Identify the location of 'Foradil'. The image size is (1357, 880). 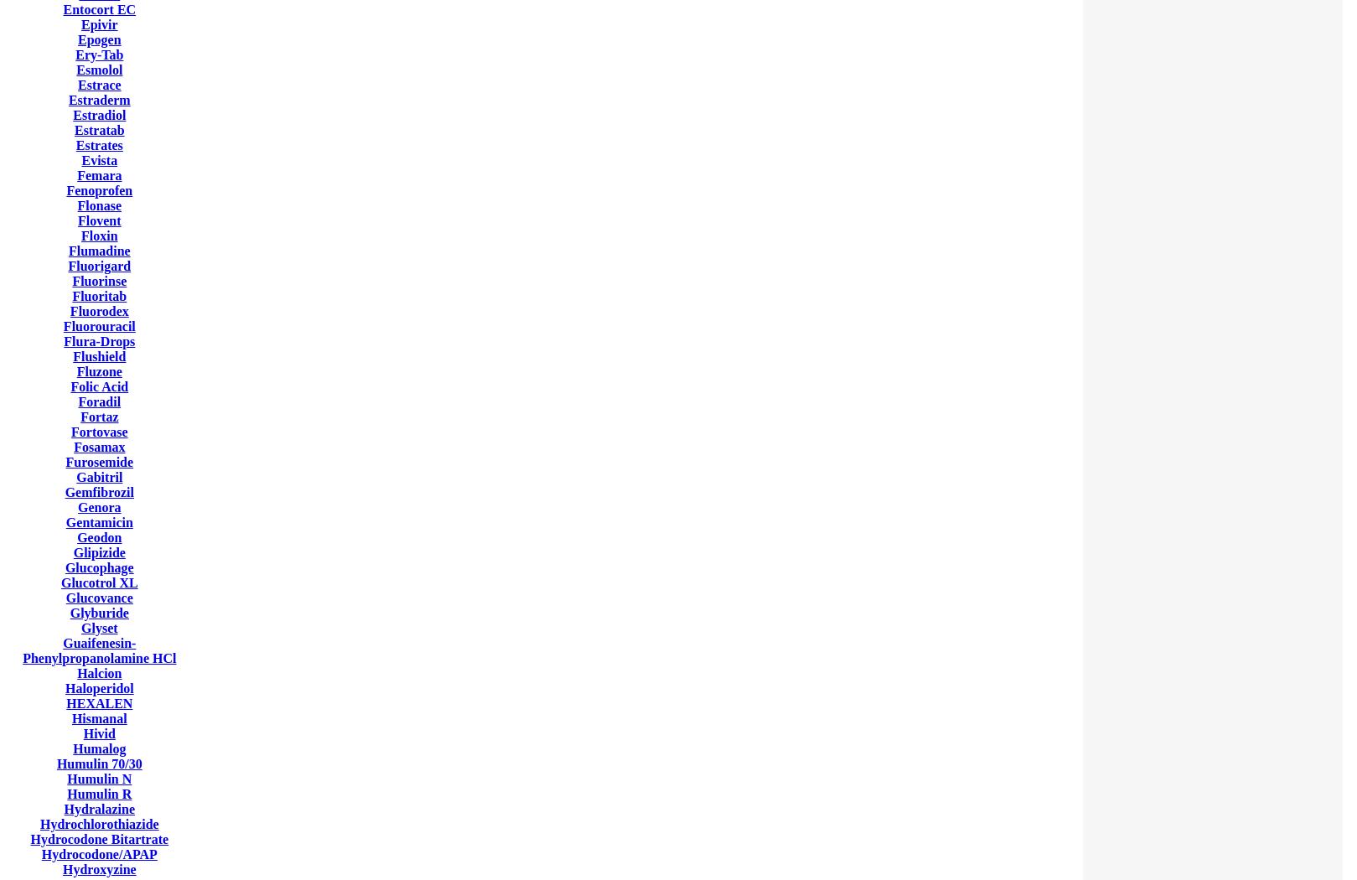
(99, 401).